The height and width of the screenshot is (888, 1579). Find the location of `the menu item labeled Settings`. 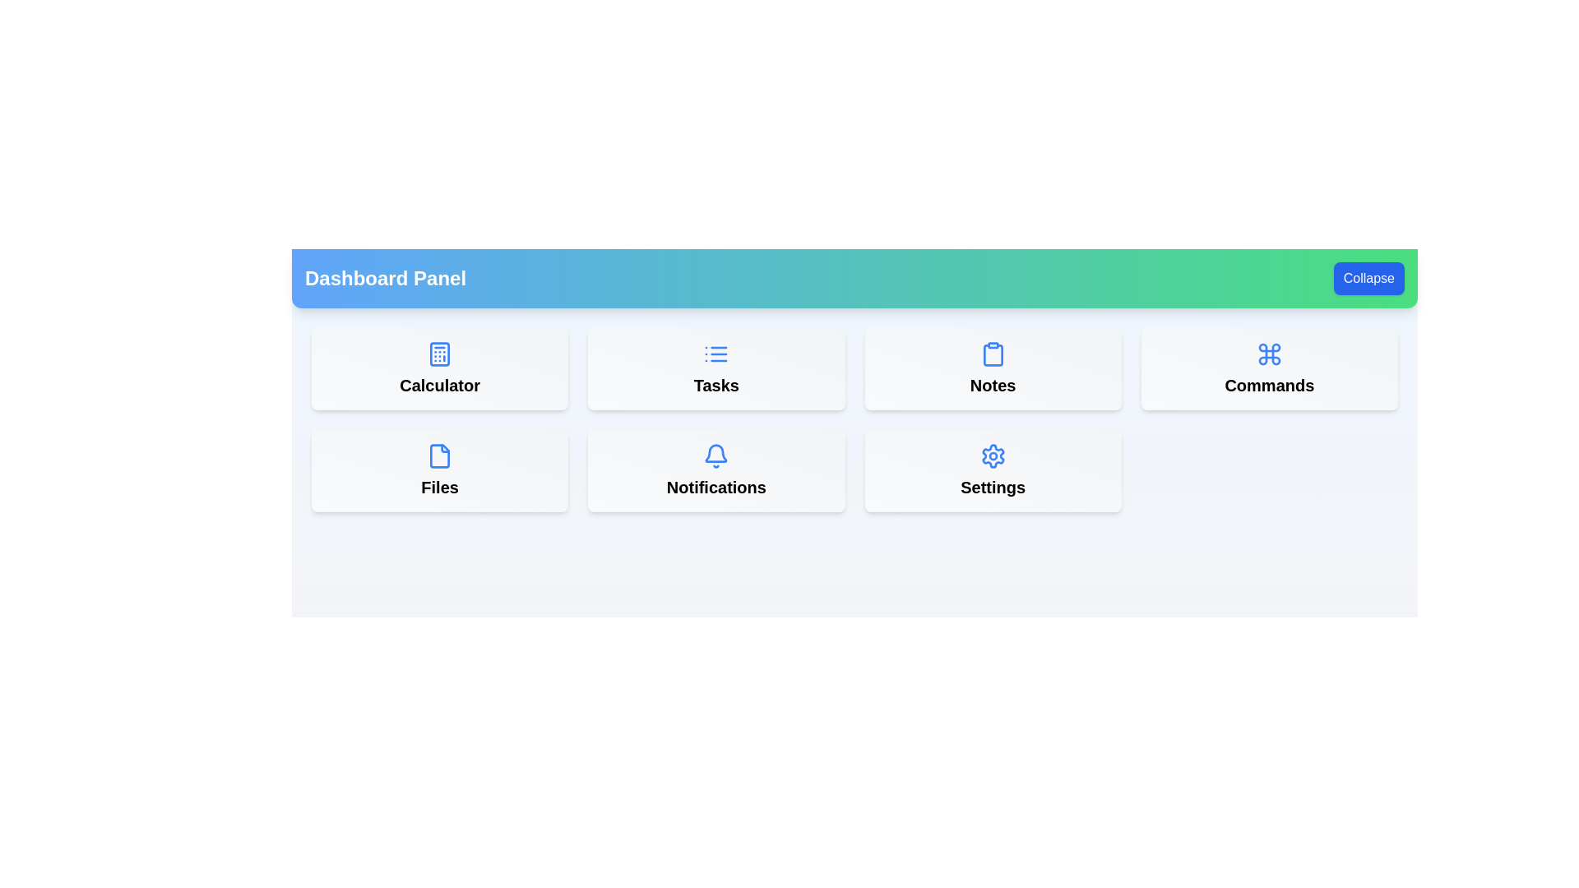

the menu item labeled Settings is located at coordinates (991, 471).